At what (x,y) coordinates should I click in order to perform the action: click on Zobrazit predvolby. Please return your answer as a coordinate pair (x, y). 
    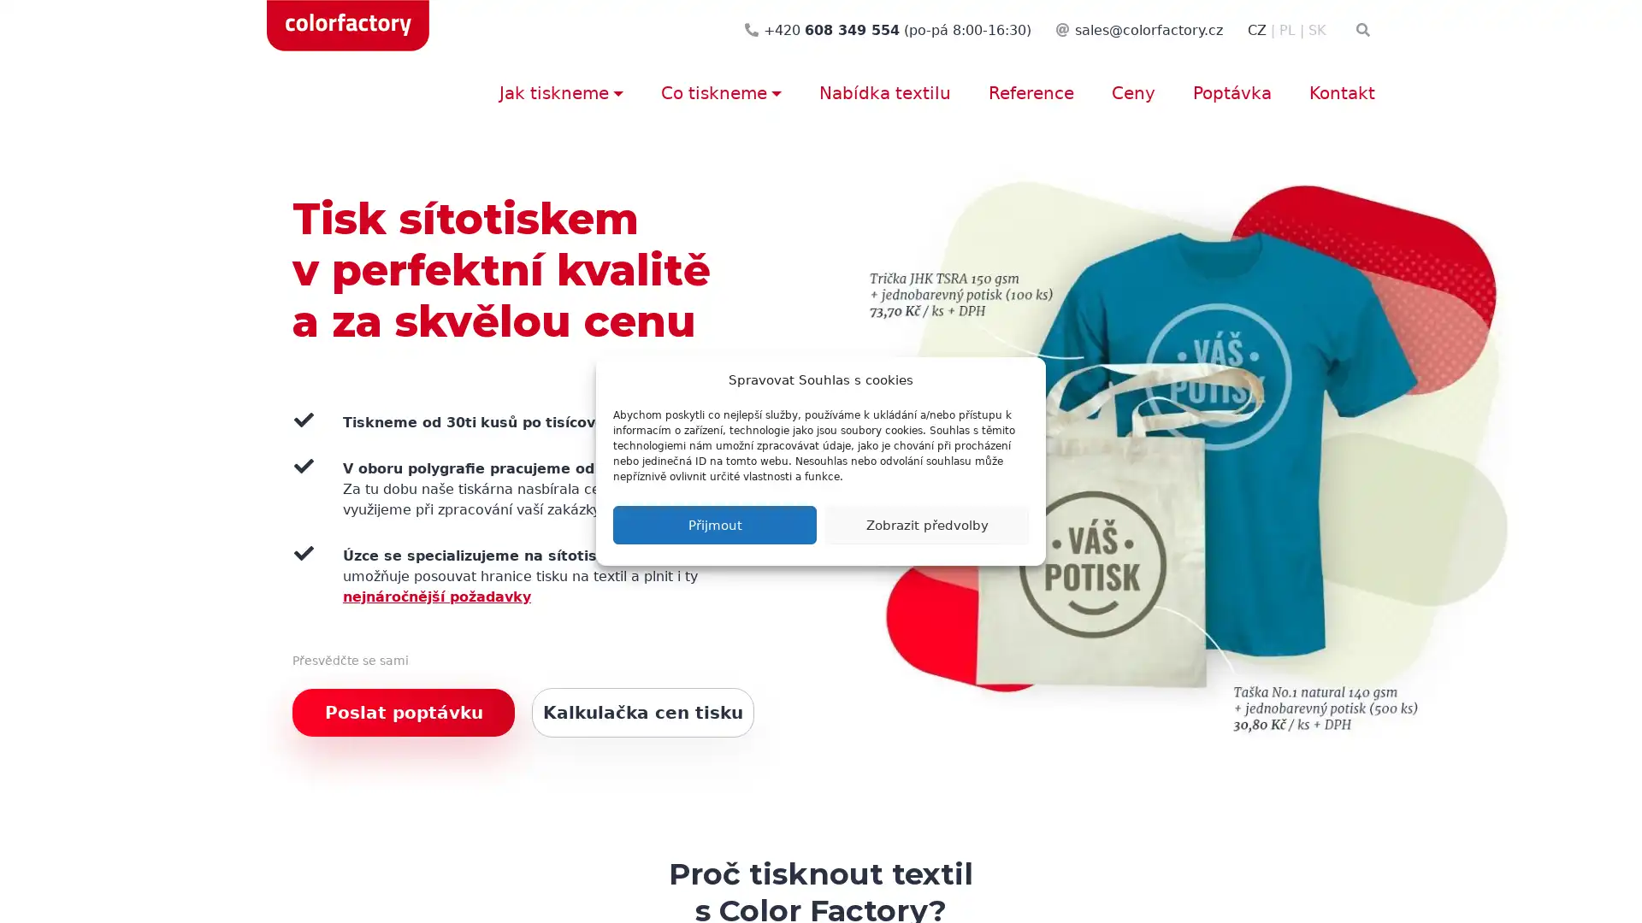
    Looking at the image, I should click on (926, 524).